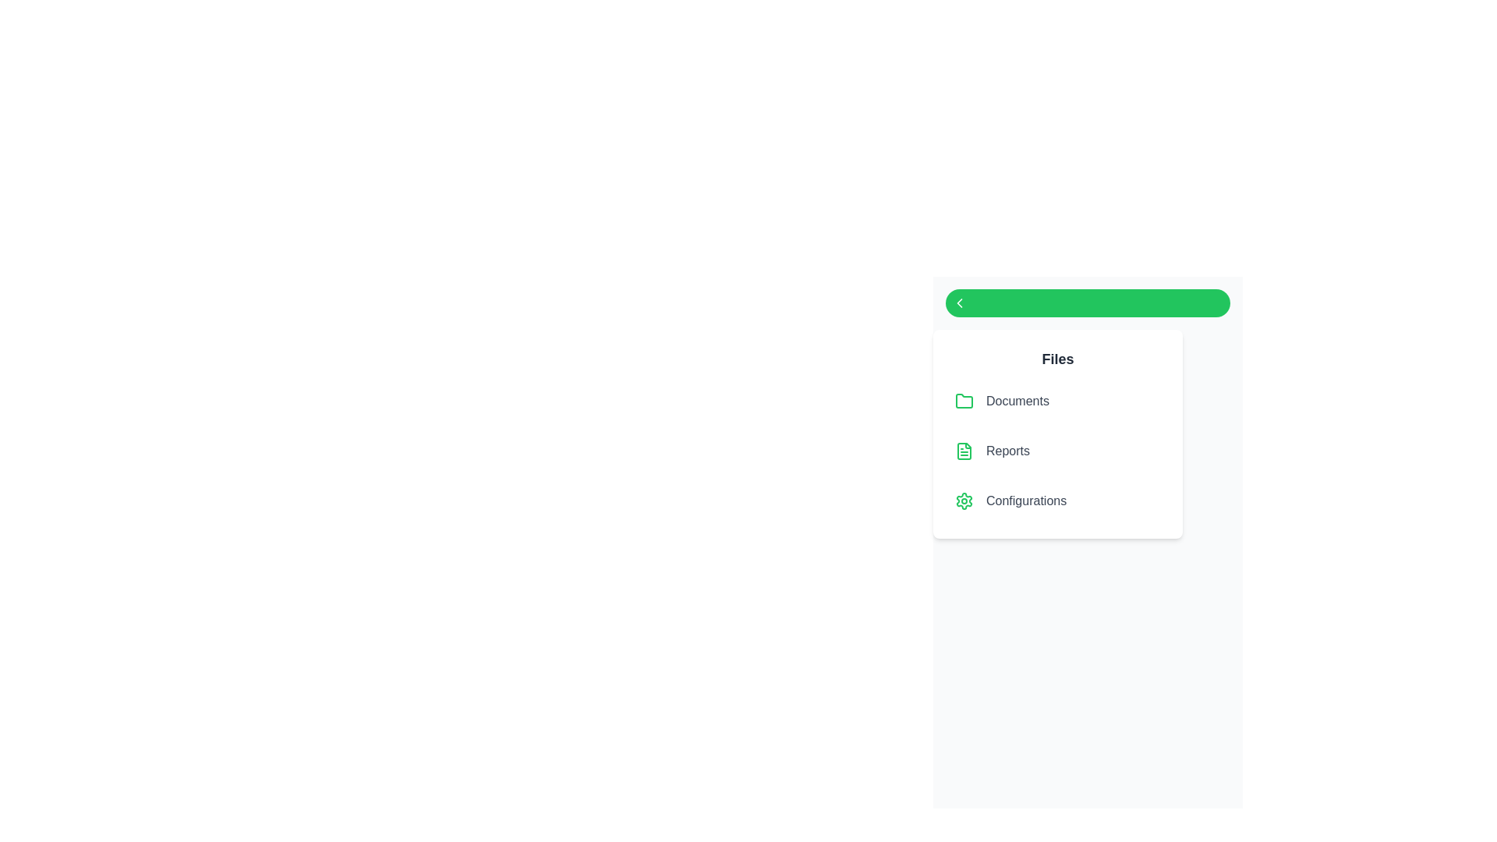 The height and width of the screenshot is (842, 1497). Describe the element at coordinates (1087, 303) in the screenshot. I see `the green toggle button to toggle the drawer open or closed` at that location.